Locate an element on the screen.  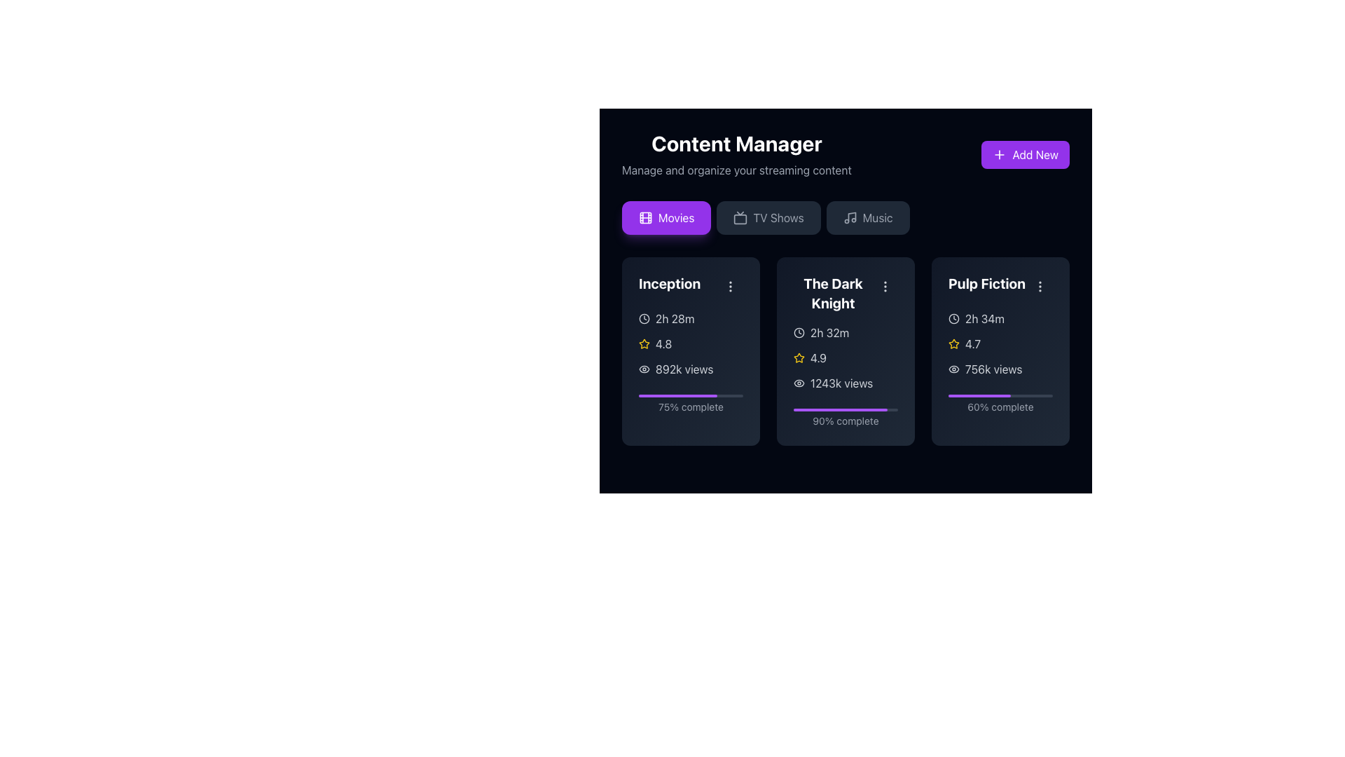
'756k views' label with eye icon located beneath the 'Pulp Fiction' title for web development purposes is located at coordinates (1000, 369).